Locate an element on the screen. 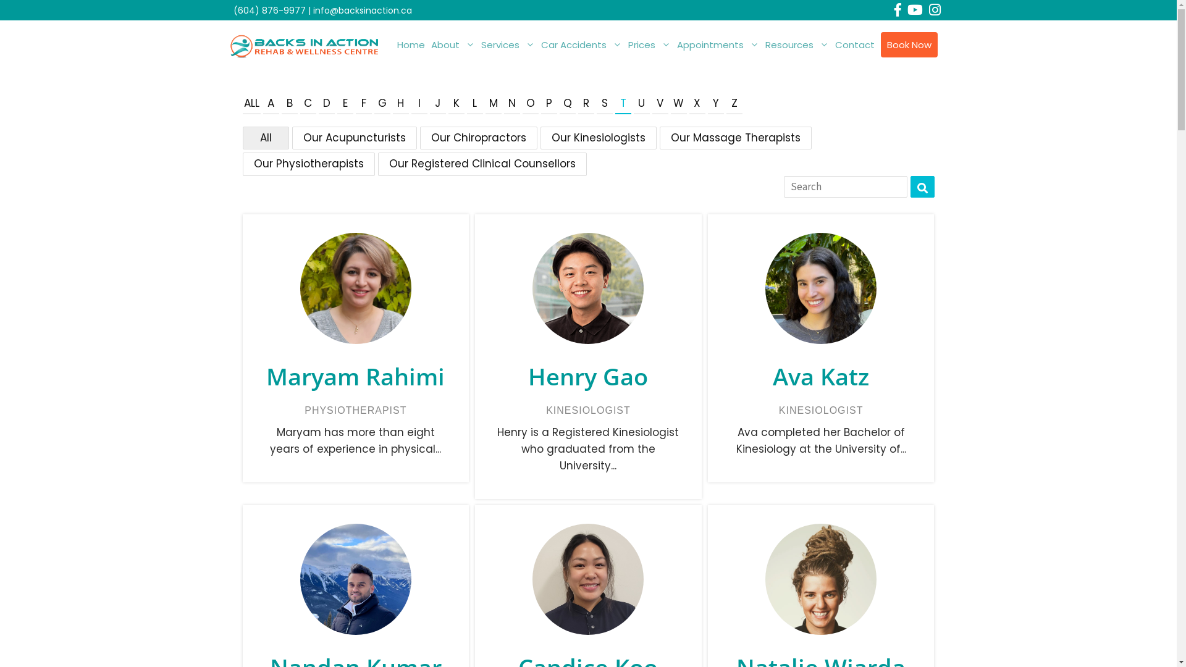 This screenshot has height=667, width=1186. 'A' is located at coordinates (270, 104).